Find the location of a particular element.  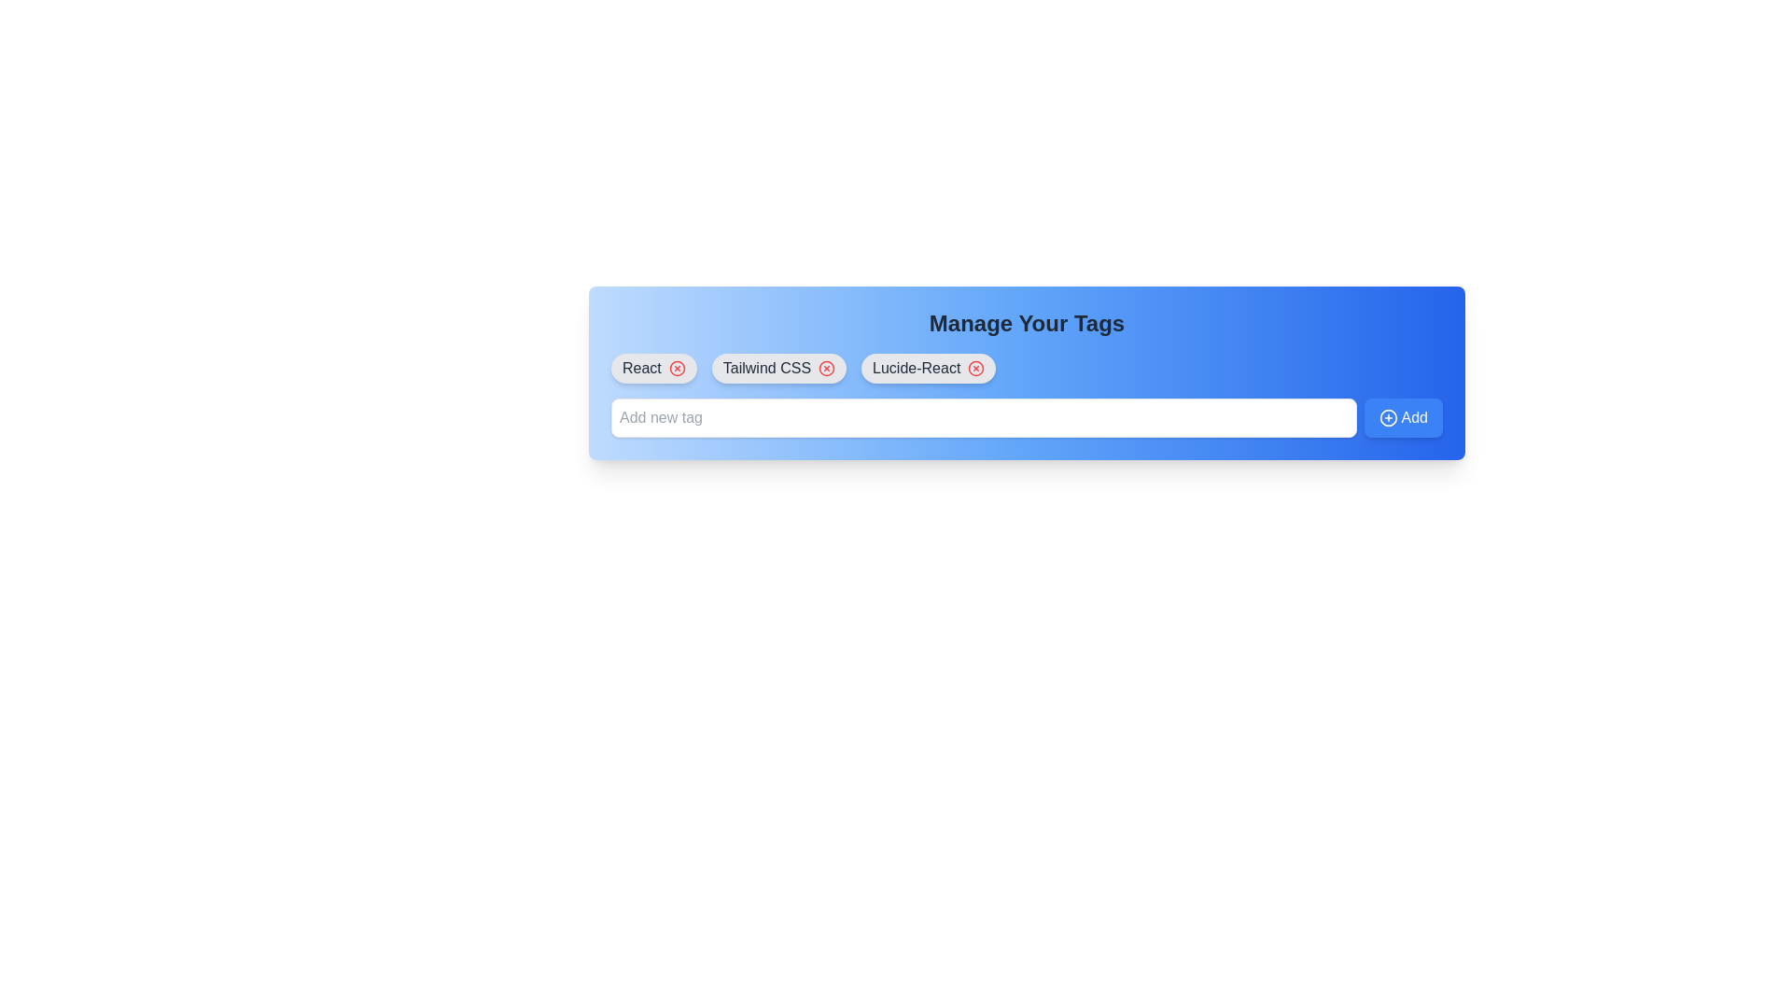

the 'Add' button with a blue background and white text, which is located at the rightmost end of the group of elements is located at coordinates (1403, 416).